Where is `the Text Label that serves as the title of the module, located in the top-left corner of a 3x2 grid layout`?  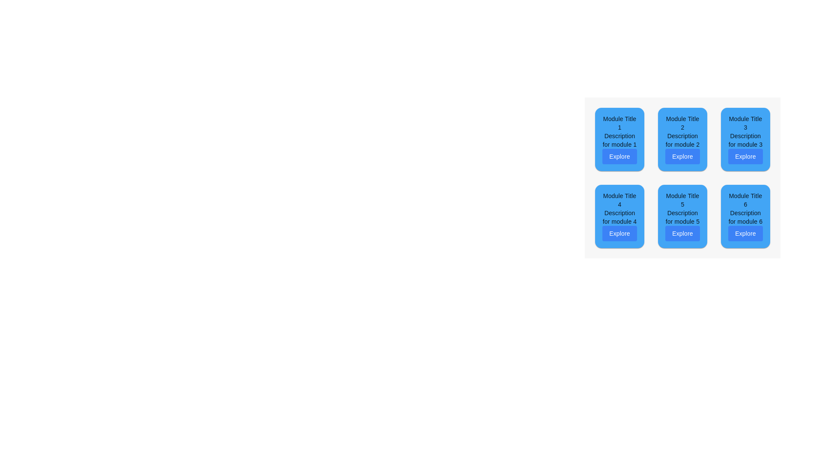
the Text Label that serves as the title of the module, located in the top-left corner of a 3x2 grid layout is located at coordinates (619, 123).